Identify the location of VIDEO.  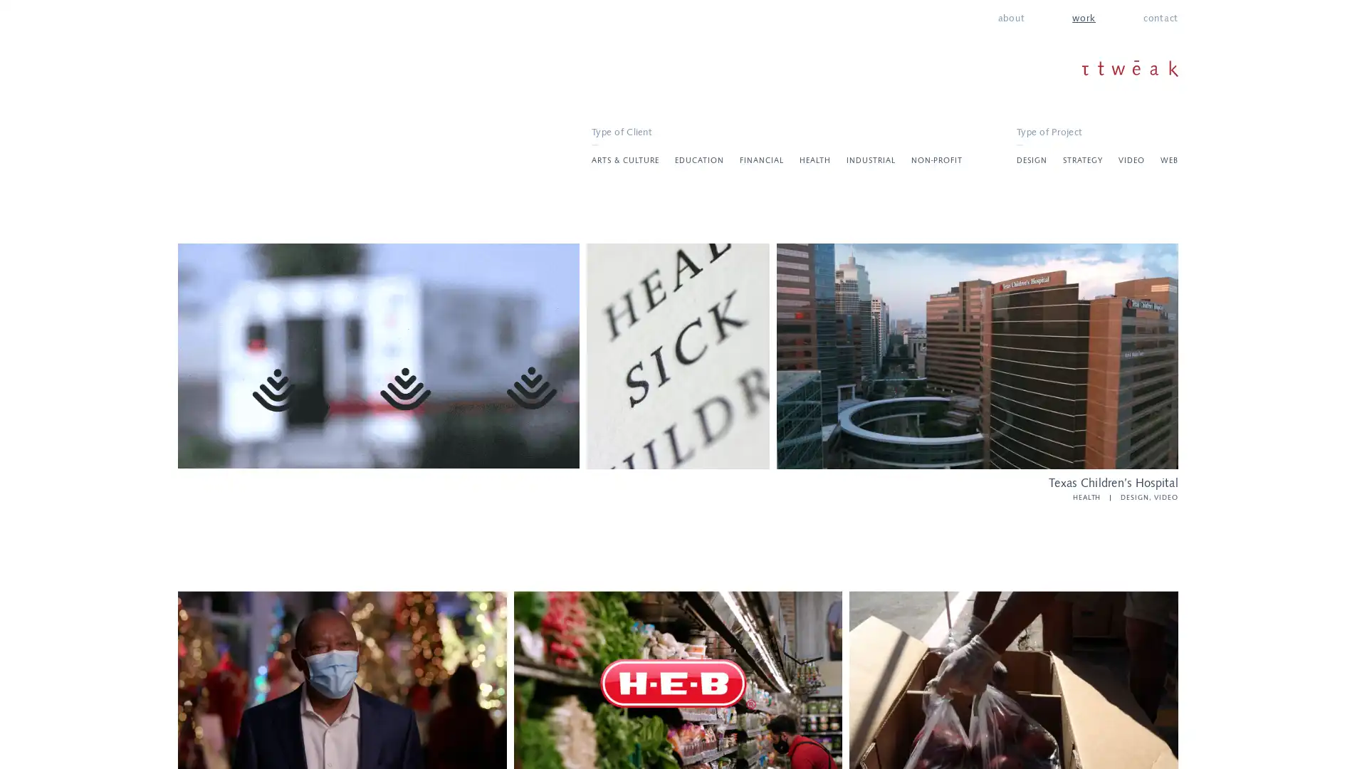
(1131, 160).